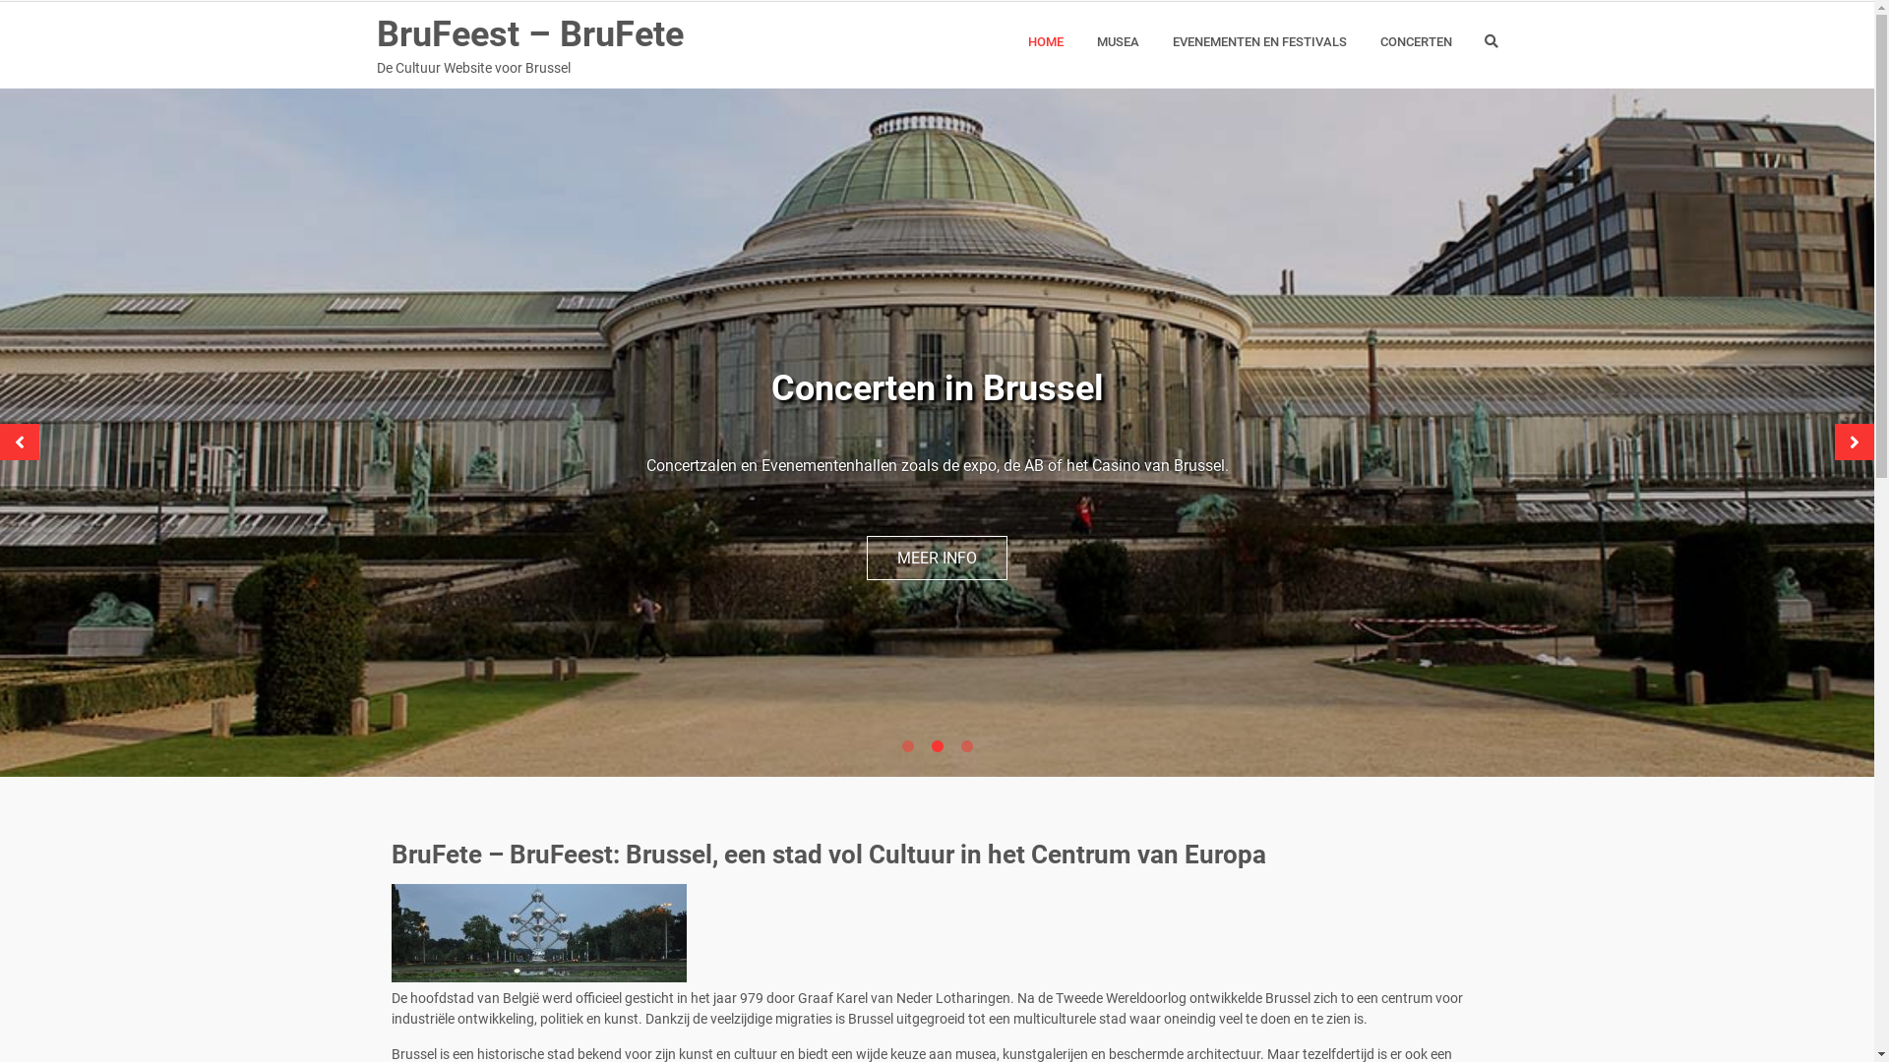 Image resolution: width=1889 pixels, height=1062 pixels. I want to click on 'Next', so click(1854, 442).